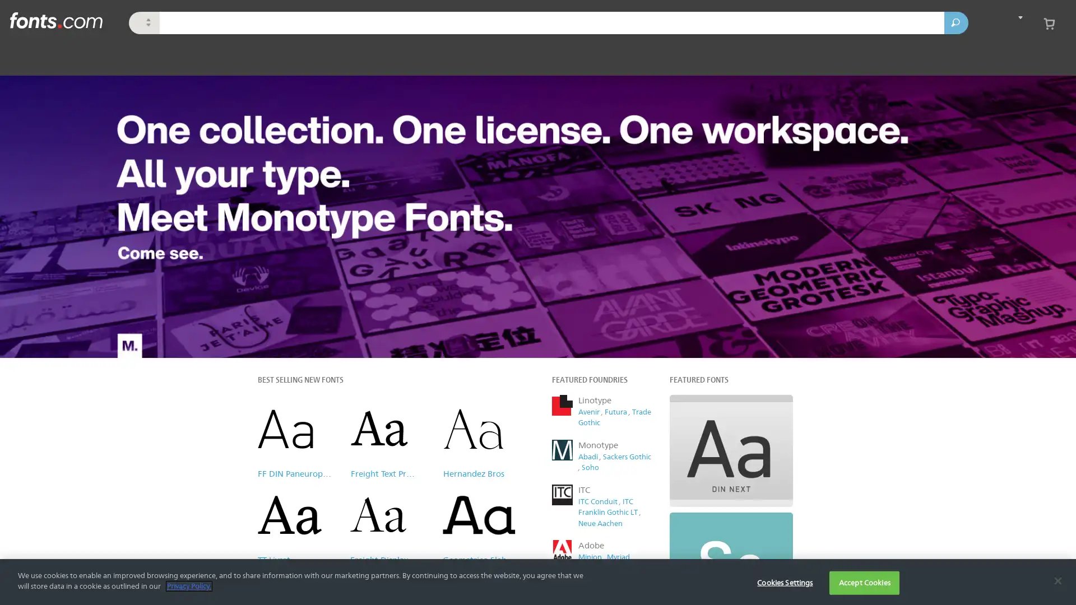 This screenshot has height=605, width=1076. I want to click on Search, so click(956, 23).